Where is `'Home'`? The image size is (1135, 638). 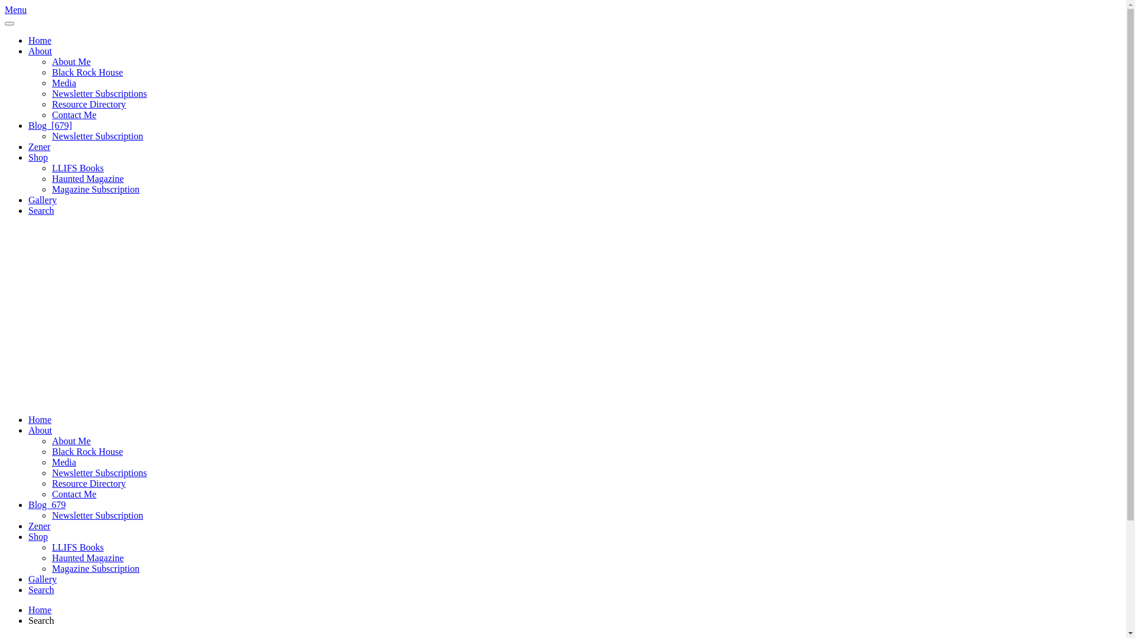 'Home' is located at coordinates (40, 40).